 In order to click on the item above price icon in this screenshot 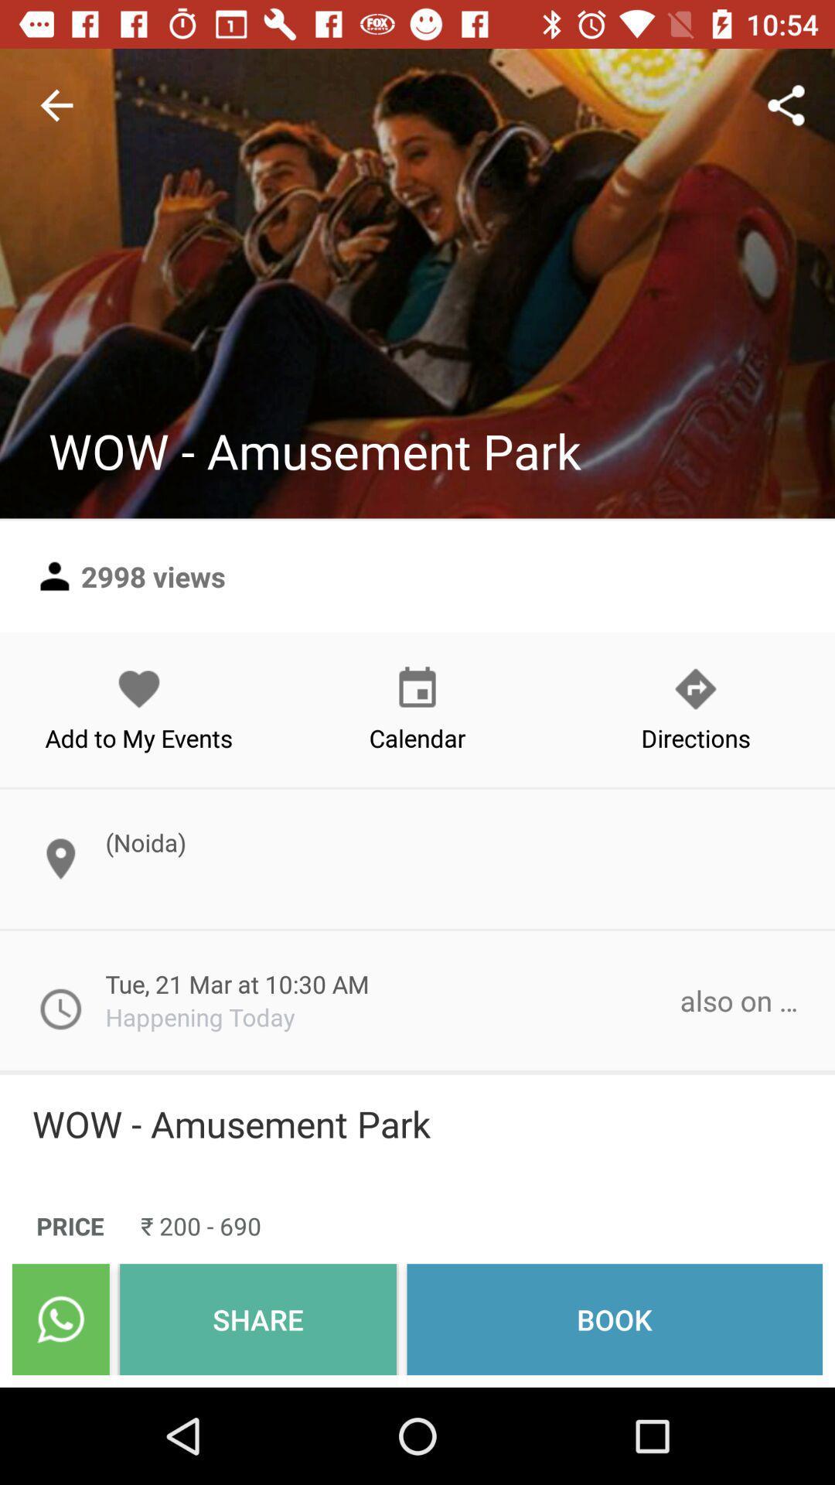, I will do `click(417, 1124)`.